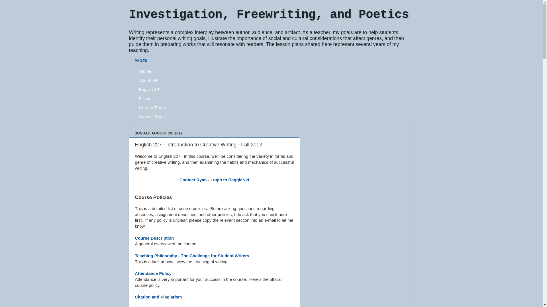 Image resolution: width=547 pixels, height=307 pixels. Describe the element at coordinates (154, 238) in the screenshot. I see `'Course Description'` at that location.